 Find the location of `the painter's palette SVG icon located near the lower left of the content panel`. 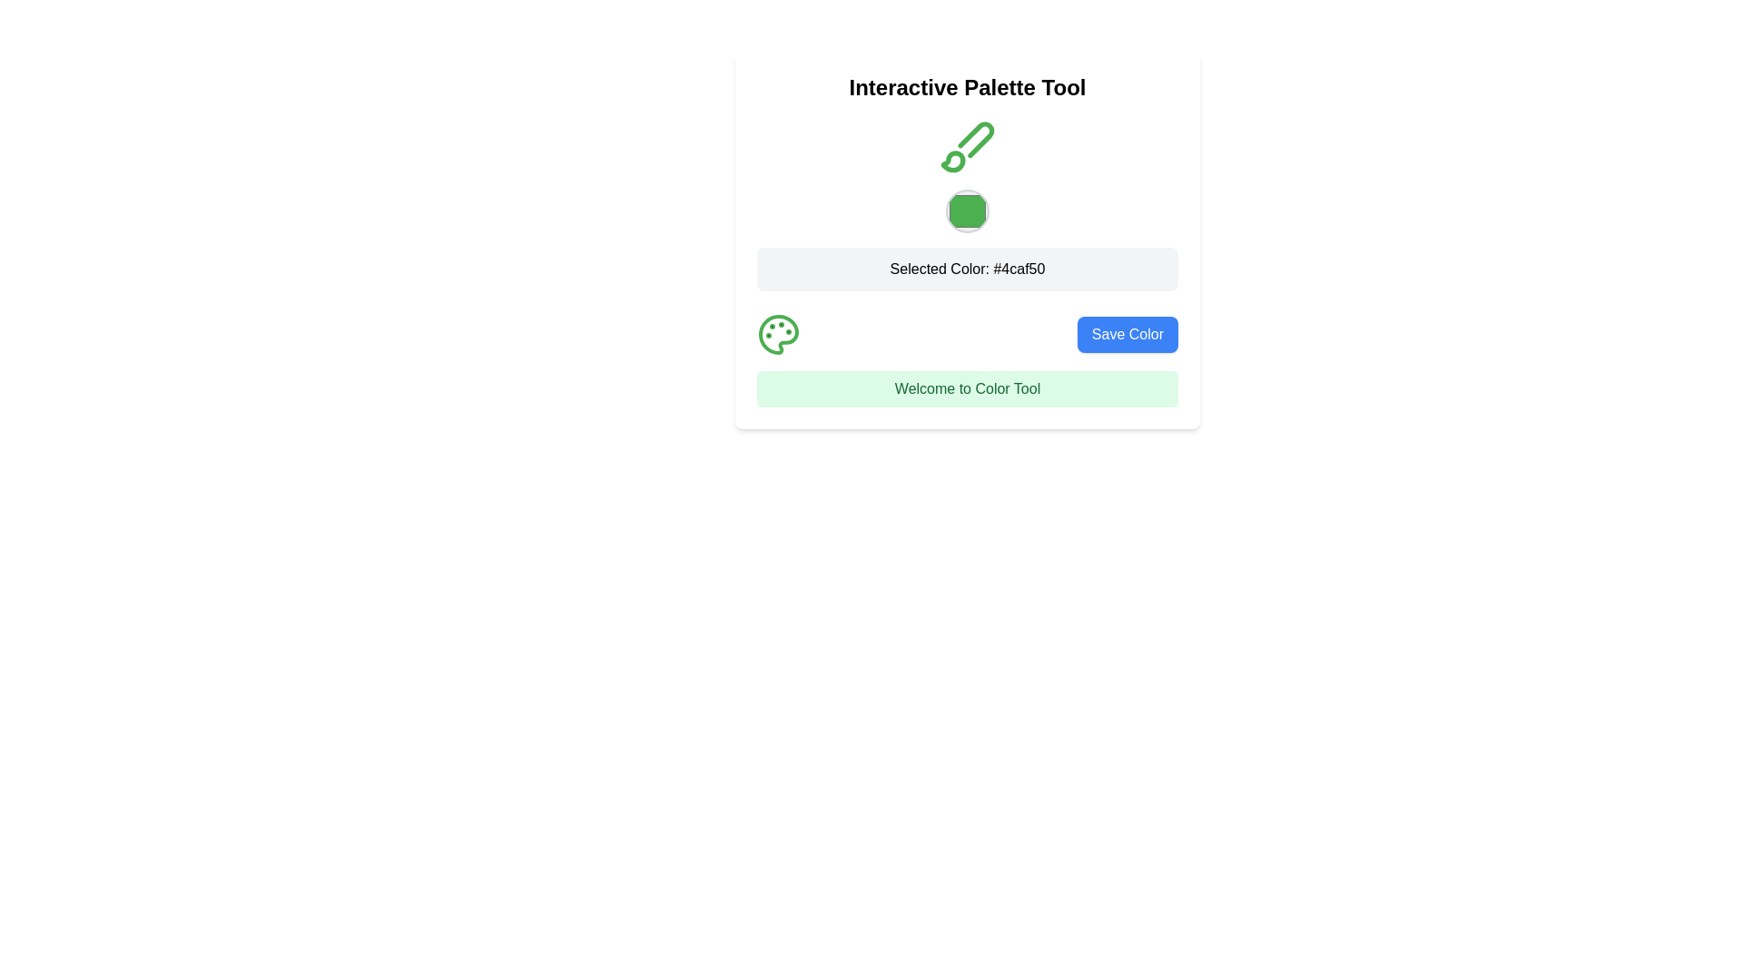

the painter's palette SVG icon located near the lower left of the content panel is located at coordinates (779, 335).